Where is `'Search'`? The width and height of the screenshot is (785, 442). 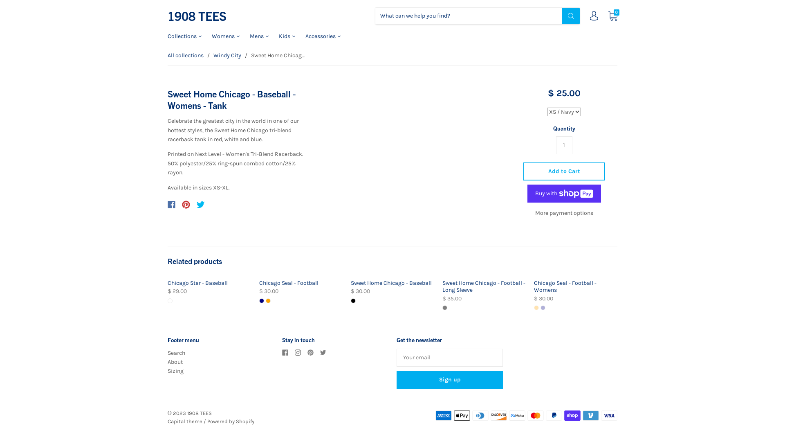 'Search' is located at coordinates (176, 352).